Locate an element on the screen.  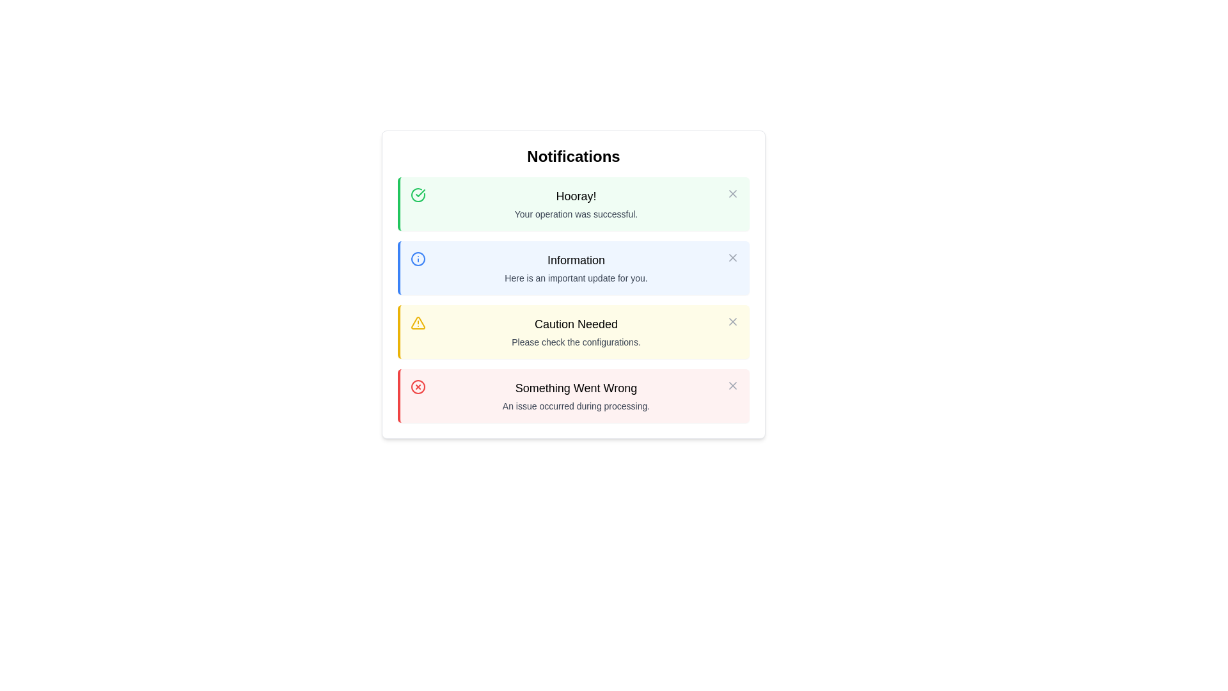
the static text 'Hooray!' which is the title of the notification message in the first notification box of the 'Notifications' section is located at coordinates (576, 196).